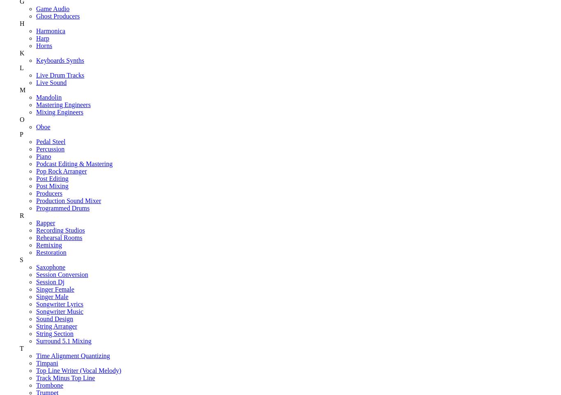 Image resolution: width=561 pixels, height=395 pixels. What do you see at coordinates (62, 208) in the screenshot?
I see `'Programmed Drums'` at bounding box center [62, 208].